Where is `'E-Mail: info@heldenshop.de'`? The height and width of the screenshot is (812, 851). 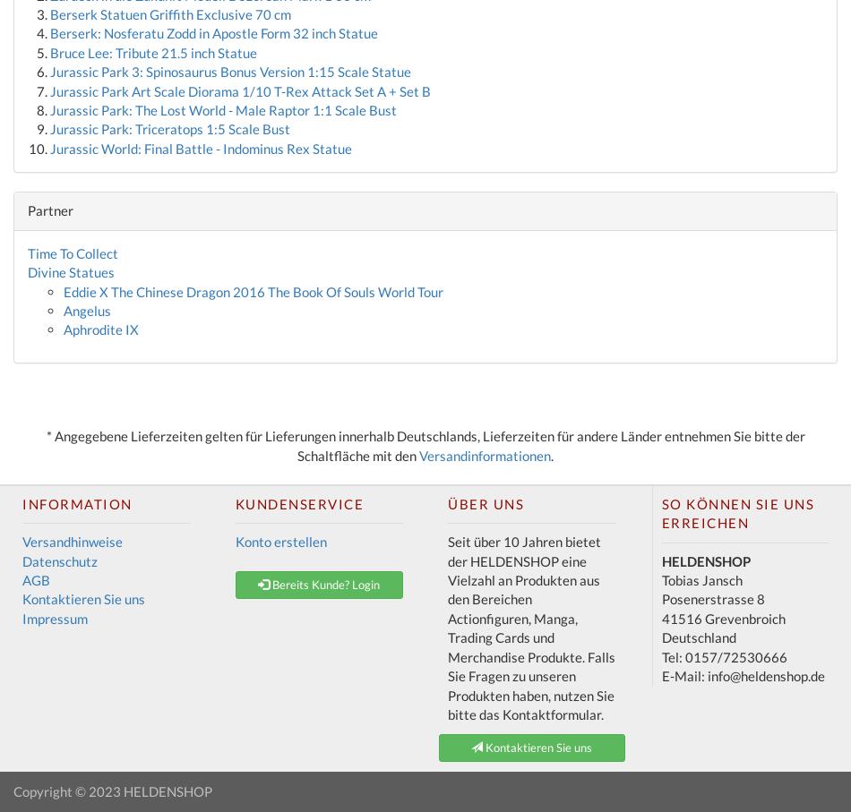
'E-Mail: info@heldenshop.de' is located at coordinates (741, 674).